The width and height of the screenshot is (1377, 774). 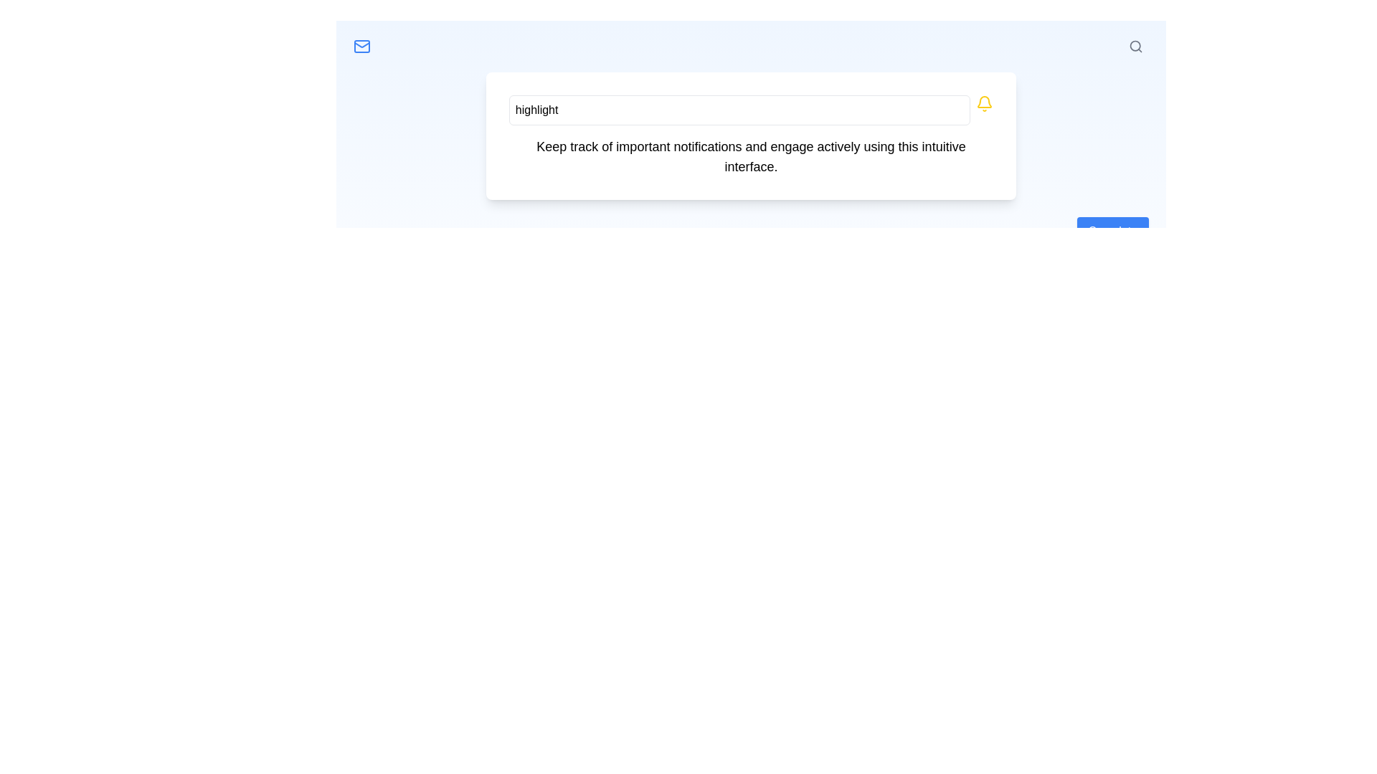 What do you see at coordinates (984, 103) in the screenshot?
I see `the bell icon located to the immediate right of the text input field with placeholder text 'Enter text to highlight'` at bounding box center [984, 103].